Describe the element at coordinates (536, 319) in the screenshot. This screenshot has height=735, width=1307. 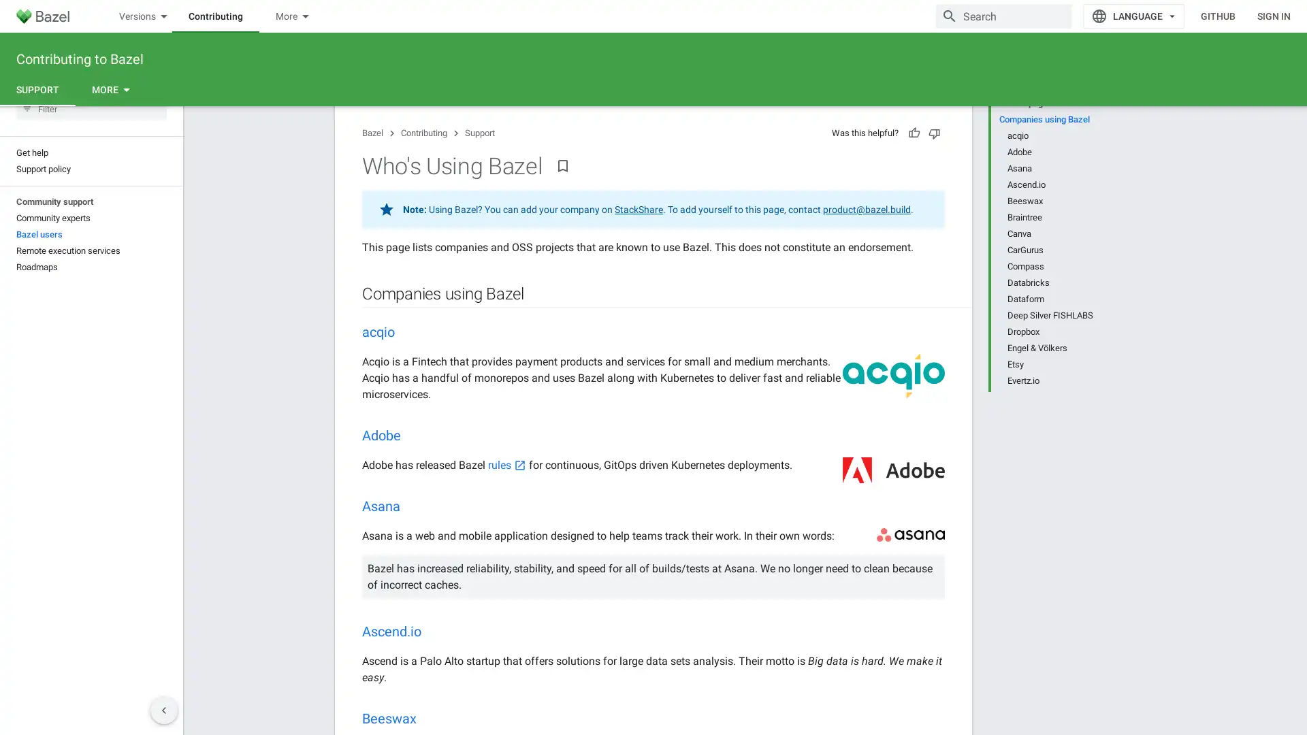
I see `Copy link to this section: Companies using Bazel` at that location.